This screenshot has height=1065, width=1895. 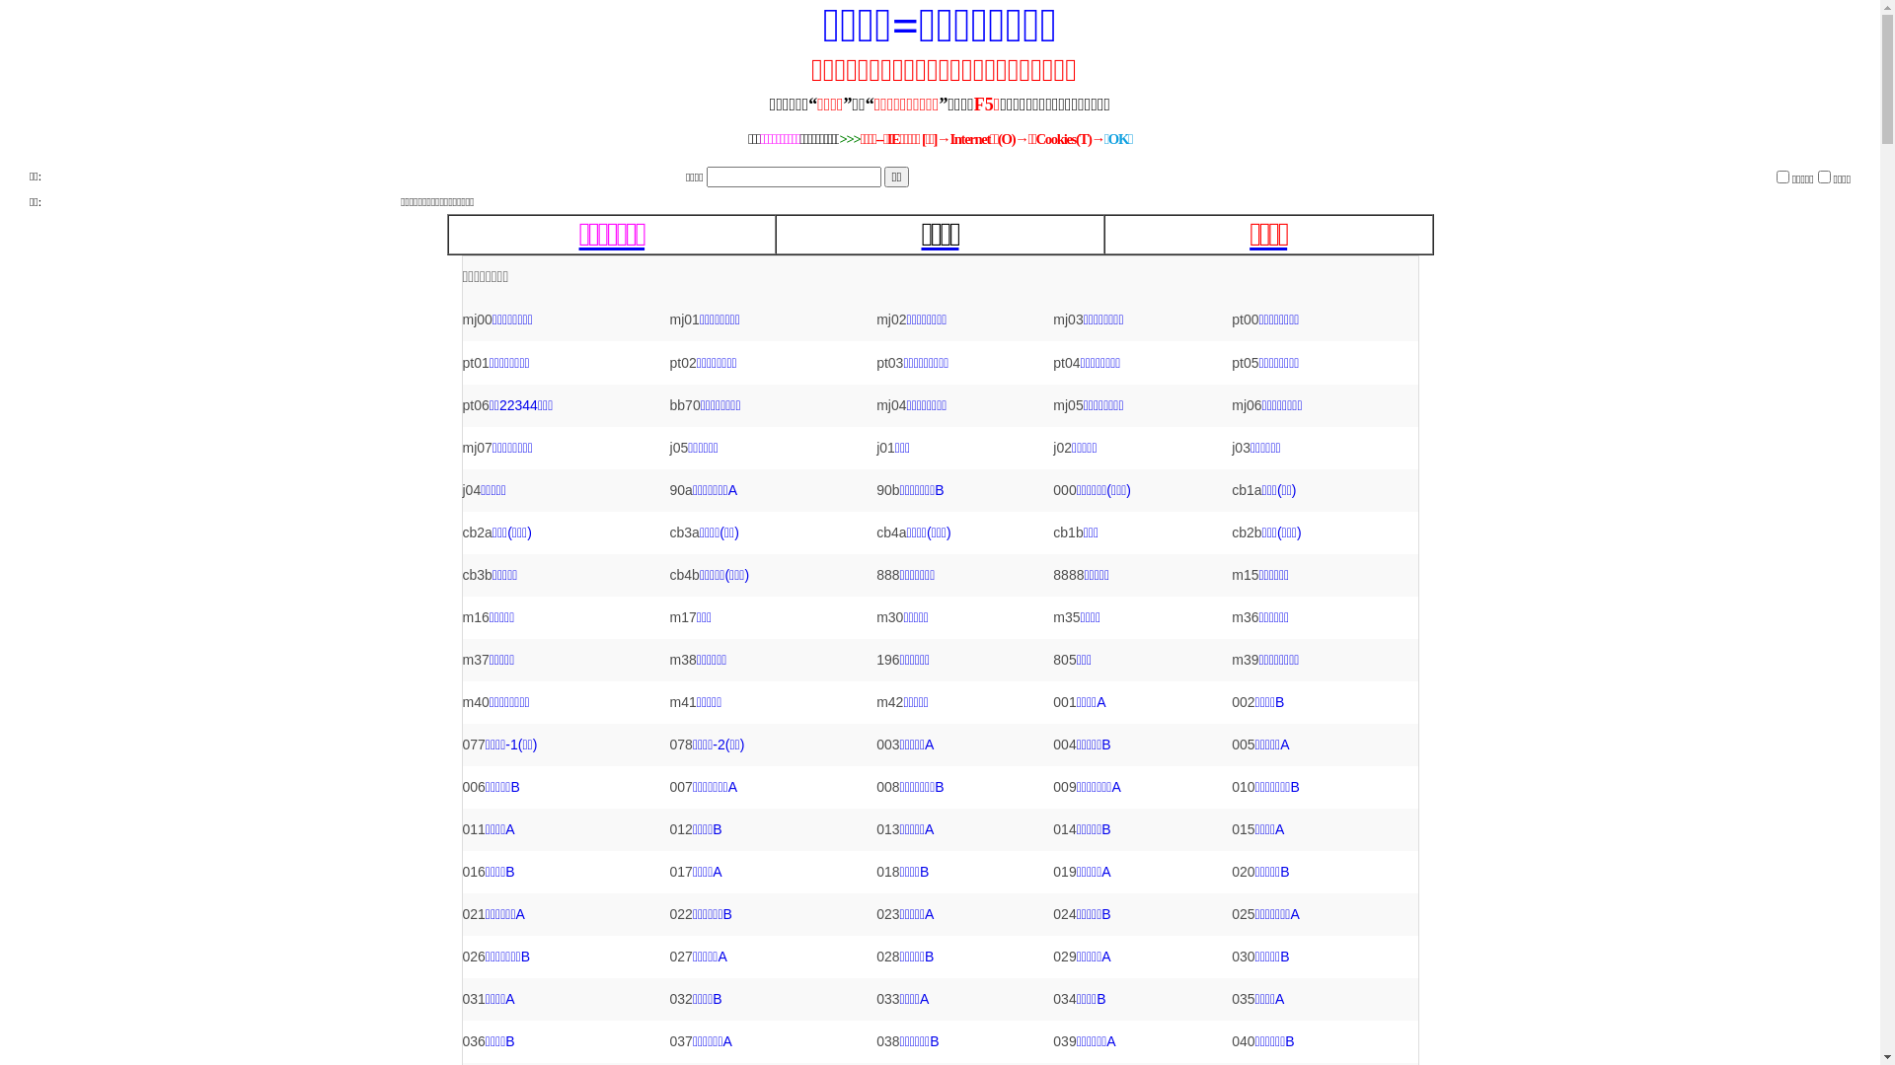 I want to click on 'cb4b', so click(x=685, y=574).